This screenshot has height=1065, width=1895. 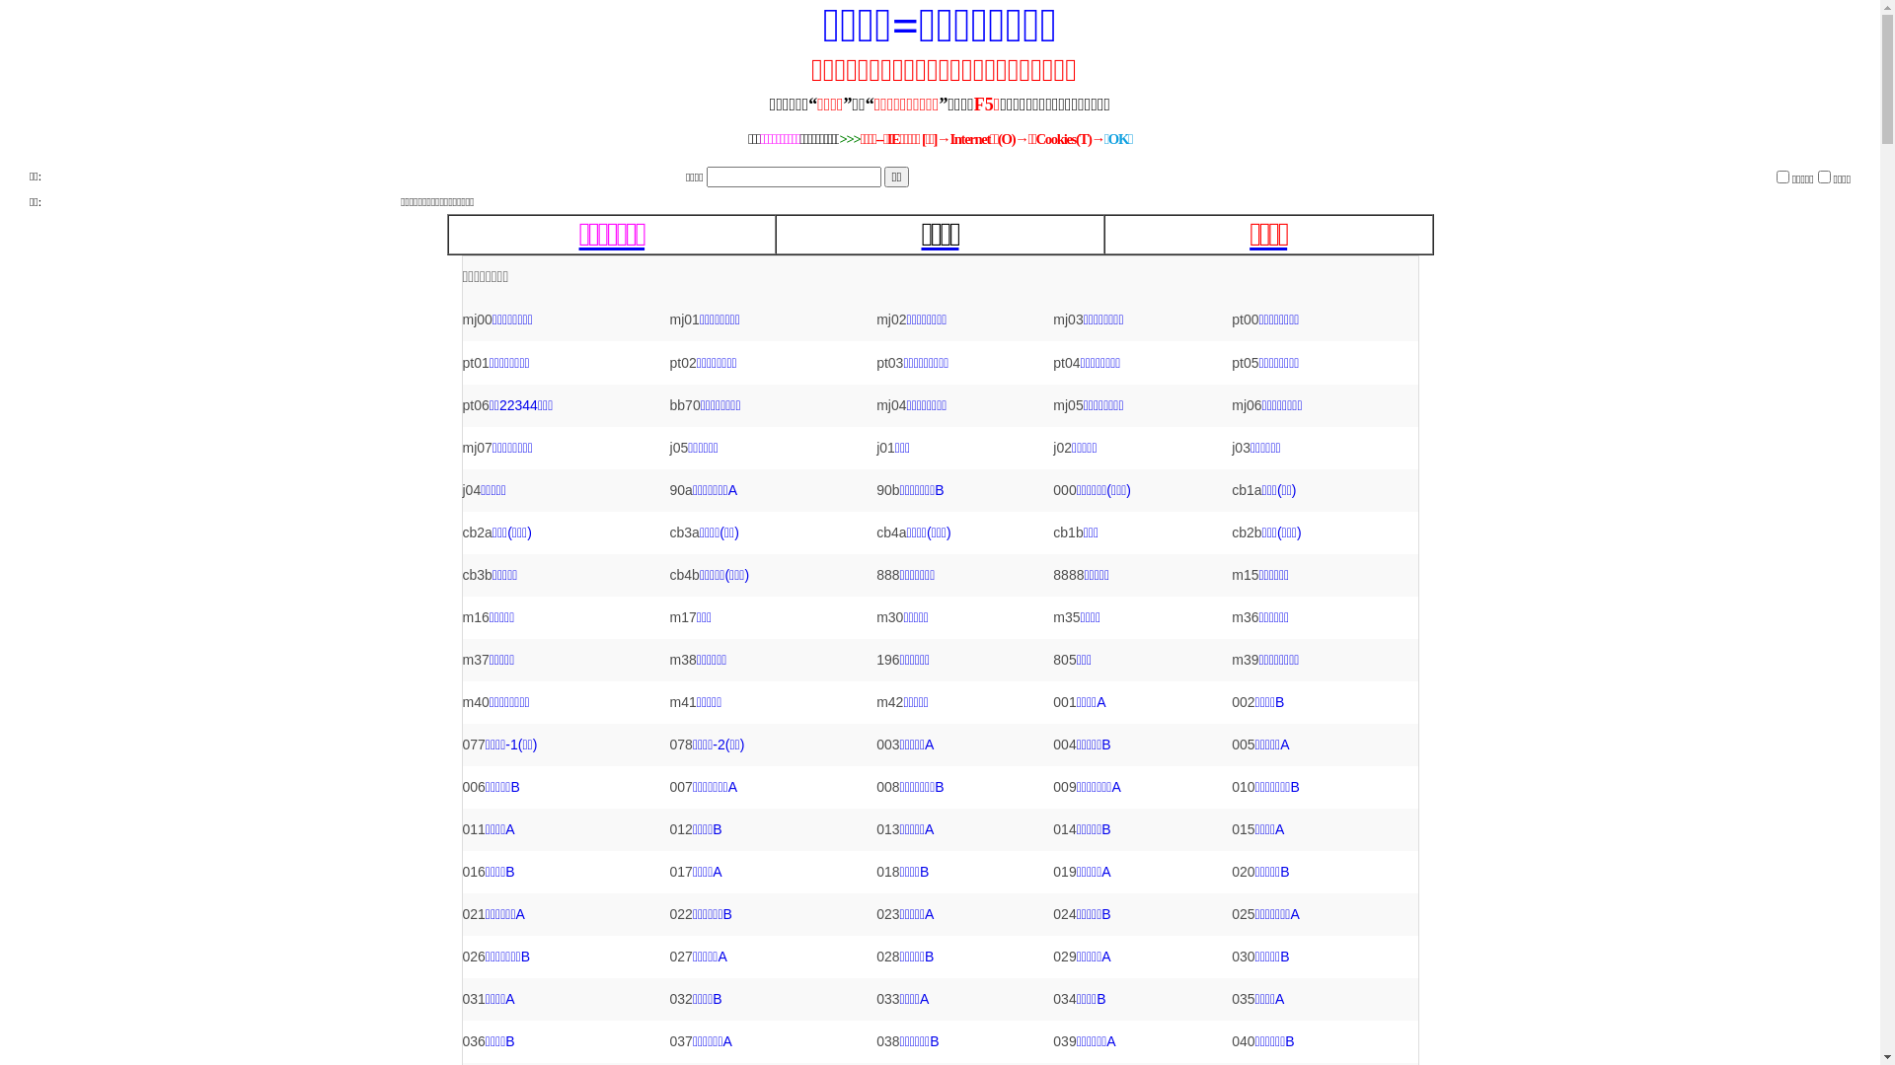 I want to click on 'cb4b', so click(x=685, y=574).